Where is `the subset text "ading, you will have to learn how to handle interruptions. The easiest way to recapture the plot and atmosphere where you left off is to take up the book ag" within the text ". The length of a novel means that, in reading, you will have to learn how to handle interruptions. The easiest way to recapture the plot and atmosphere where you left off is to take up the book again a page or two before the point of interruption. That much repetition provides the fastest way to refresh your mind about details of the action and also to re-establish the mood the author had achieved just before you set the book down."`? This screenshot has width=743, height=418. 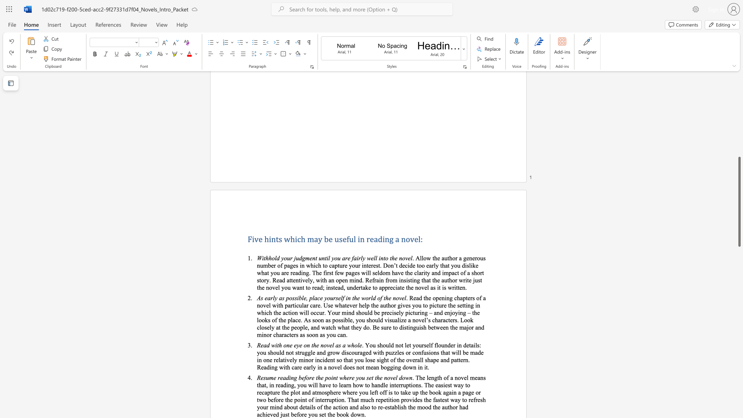 the subset text "ading, you will have to learn how to handle interruptions. The easiest way to recapture the plot and atmosphere where you left off is to take up the book ag" within the text ". The length of a novel means that, in reading, you will have to learn how to handle interruptions. The easiest way to recapture the plot and atmosphere where you left off is to take up the book again a page or two before the point of interruption. That much repetition provides the fastest way to refresh your mind about details of the action and also to re-establish the mood the author had achieved just before you set the book down." is located at coordinates (280, 385).